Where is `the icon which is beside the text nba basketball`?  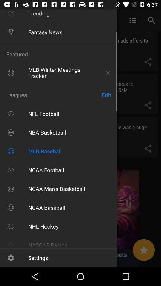
the icon which is beside the text nba basketball is located at coordinates (11, 132).